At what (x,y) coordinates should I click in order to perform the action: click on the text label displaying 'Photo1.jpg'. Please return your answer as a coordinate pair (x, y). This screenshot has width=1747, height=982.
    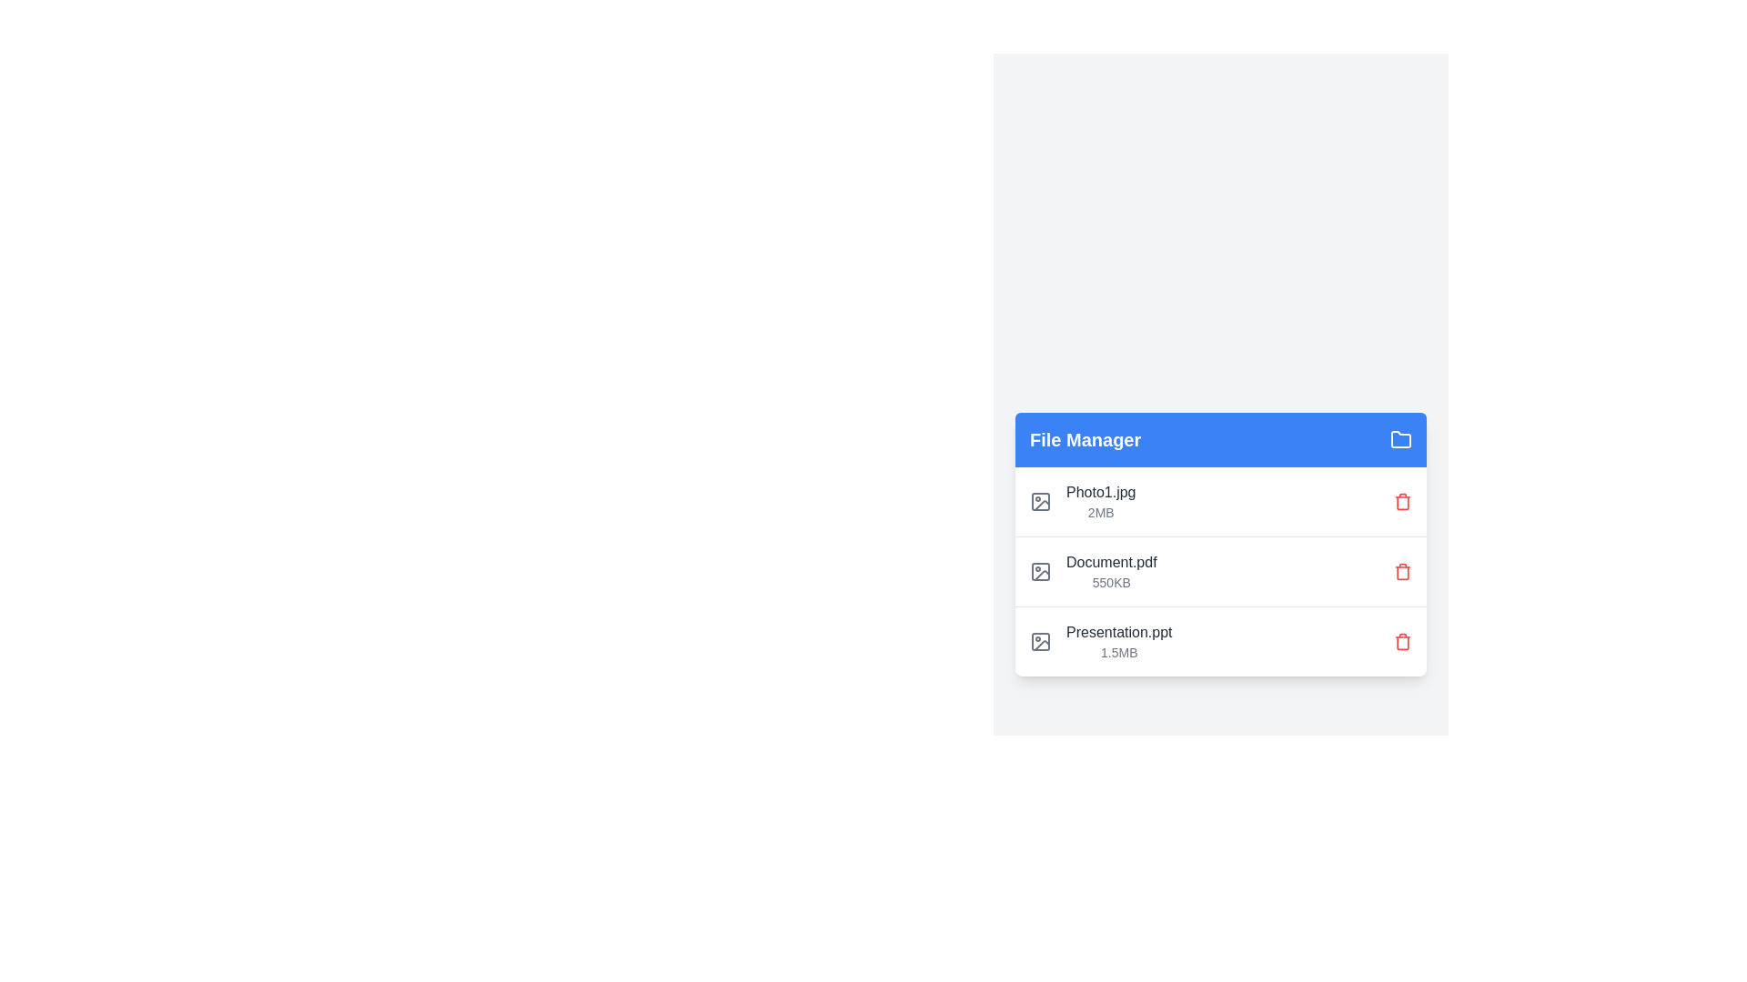
    Looking at the image, I should click on (1100, 501).